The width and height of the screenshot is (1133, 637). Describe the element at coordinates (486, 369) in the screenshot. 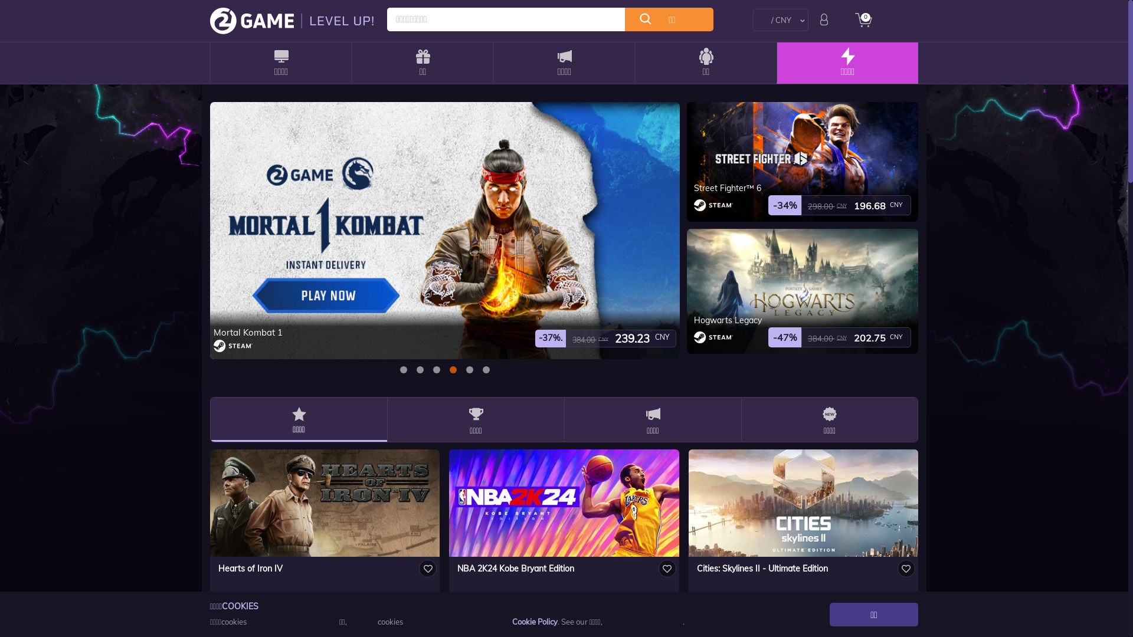

I see `'5'` at that location.